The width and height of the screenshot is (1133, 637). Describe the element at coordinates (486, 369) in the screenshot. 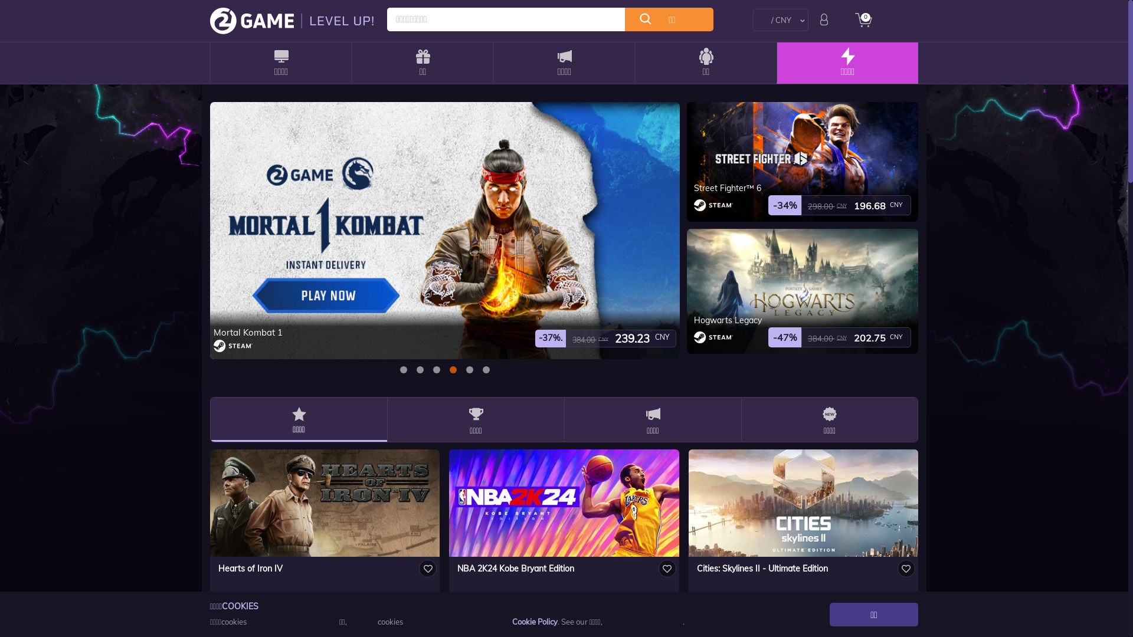

I see `'5'` at that location.